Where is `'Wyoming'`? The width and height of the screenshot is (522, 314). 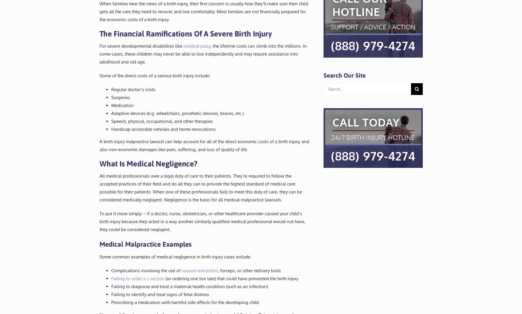 'Wyoming' is located at coordinates (266, 70).